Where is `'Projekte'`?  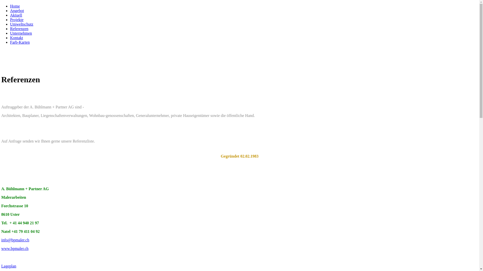
'Projekte' is located at coordinates (17, 19).